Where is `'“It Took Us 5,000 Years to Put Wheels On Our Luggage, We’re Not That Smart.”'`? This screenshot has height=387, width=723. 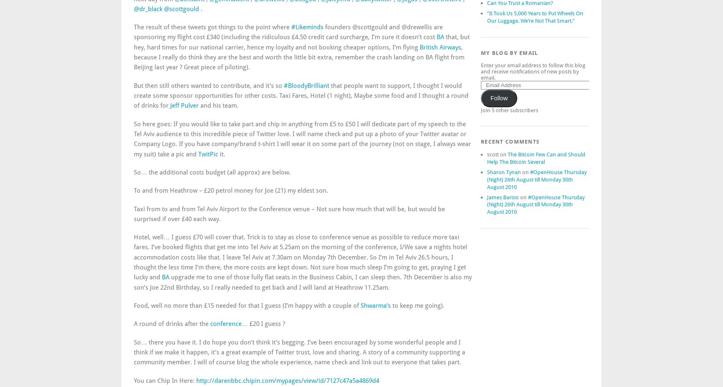 '“It Took Us 5,000 Years to Put Wheels On Our Luggage, We’re Not That Smart.”' is located at coordinates (535, 16).